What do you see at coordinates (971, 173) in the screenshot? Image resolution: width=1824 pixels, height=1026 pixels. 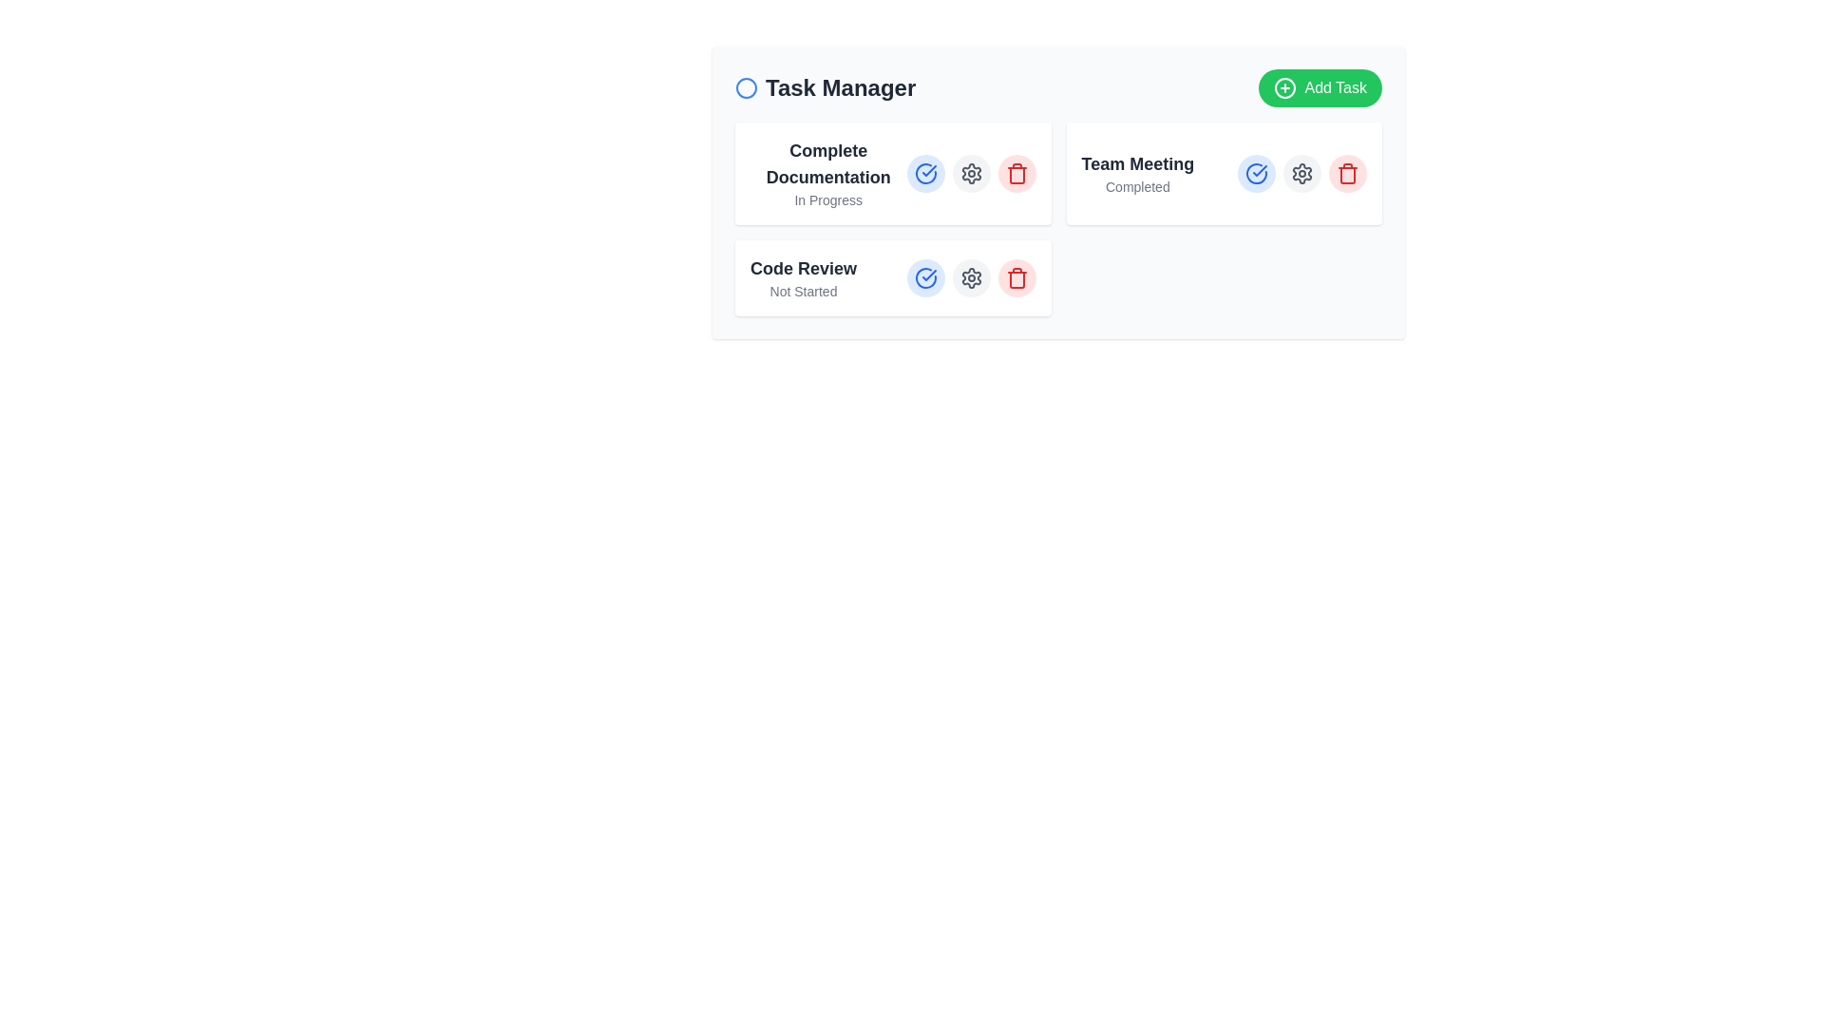 I see `the settings button, represented as a gear icon, associated with the 'Code Review' task` at bounding box center [971, 173].